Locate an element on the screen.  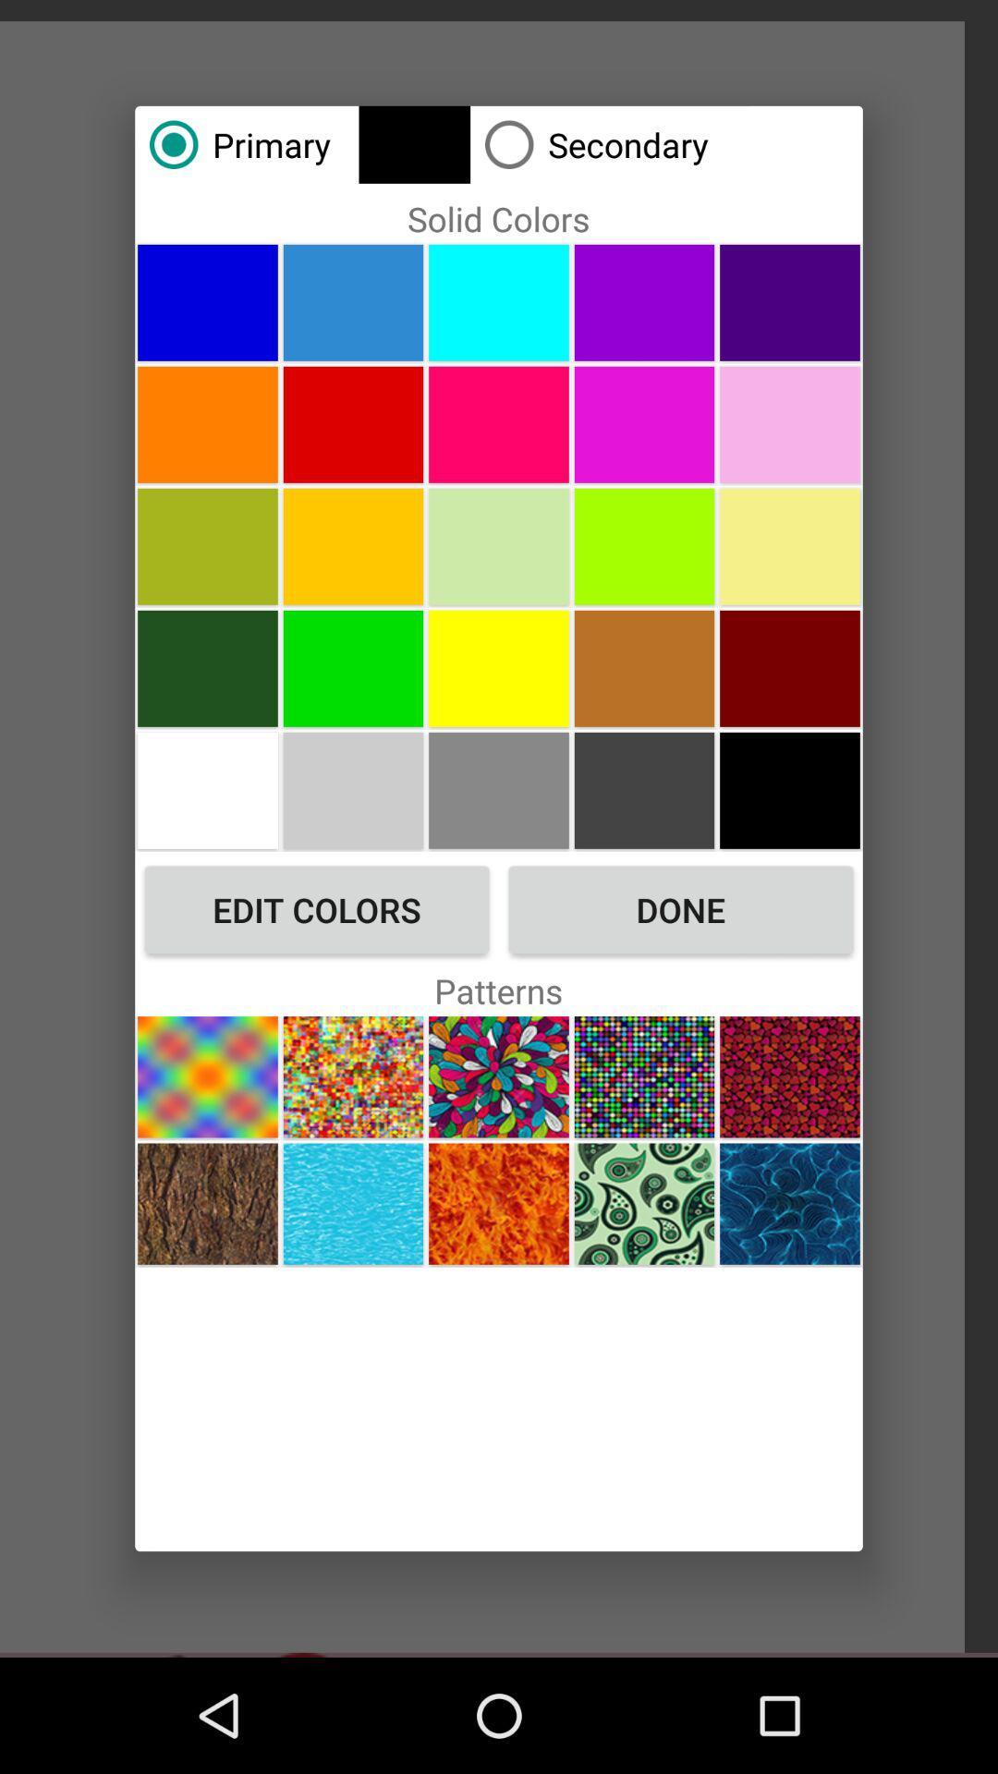
item to the right of edit colors is located at coordinates (680, 909).